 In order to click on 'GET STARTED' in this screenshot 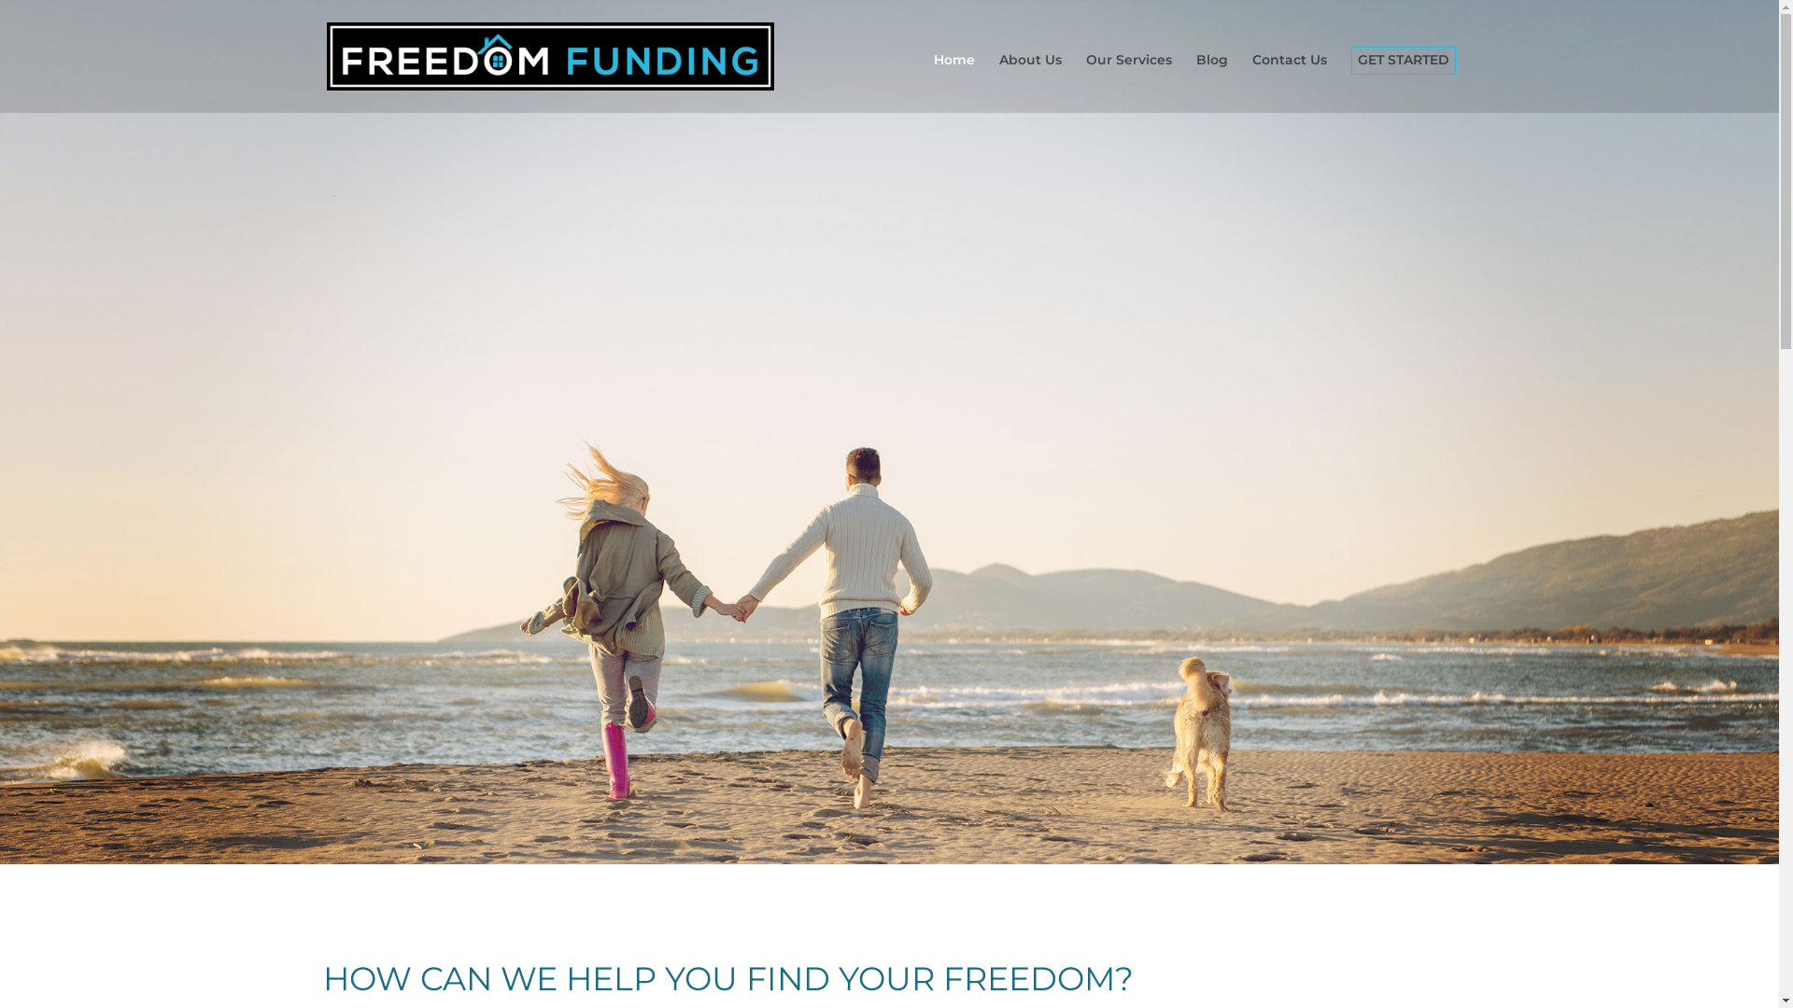, I will do `click(1403, 81)`.